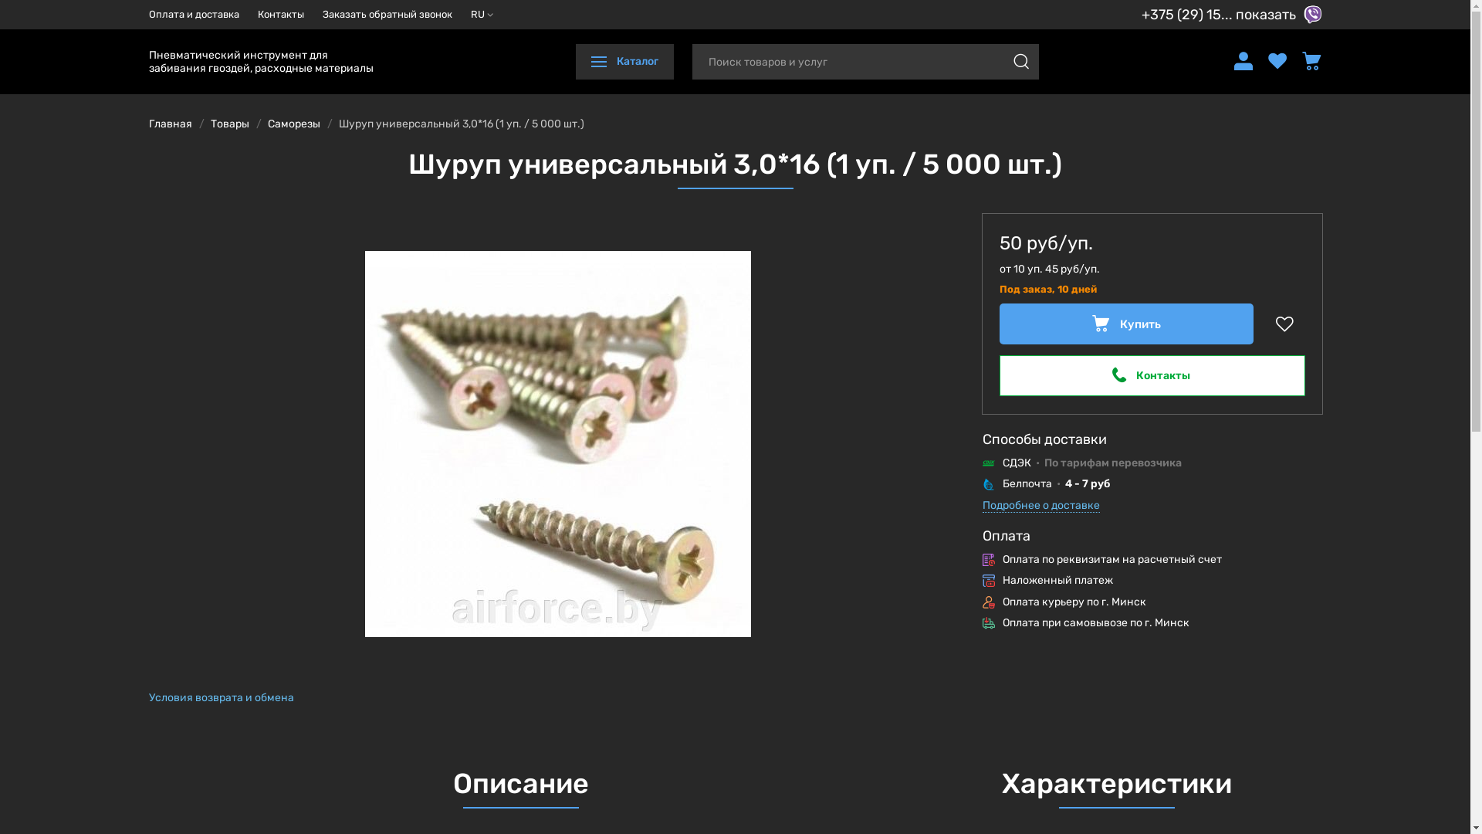  What do you see at coordinates (1311, 15) in the screenshot?
I see `'Viber'` at bounding box center [1311, 15].